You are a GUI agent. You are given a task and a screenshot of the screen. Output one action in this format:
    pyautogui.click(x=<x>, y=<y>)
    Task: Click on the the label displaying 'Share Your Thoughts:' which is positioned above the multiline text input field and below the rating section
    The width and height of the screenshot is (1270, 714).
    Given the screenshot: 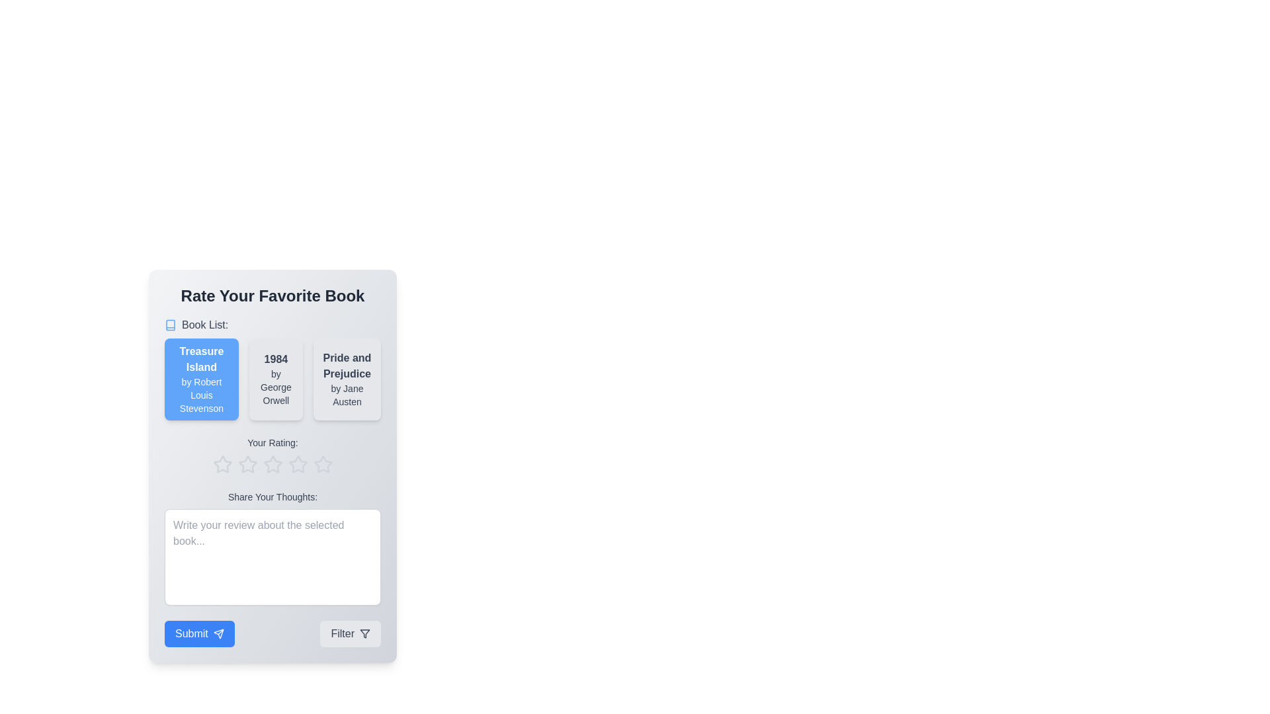 What is the action you would take?
    pyautogui.click(x=272, y=497)
    